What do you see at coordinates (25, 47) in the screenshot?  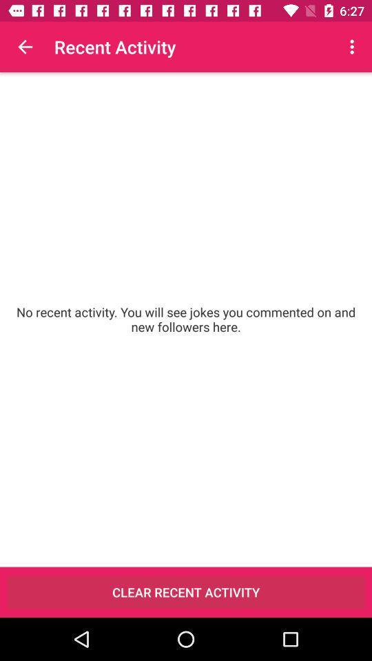 I see `the app next to the recent activity icon` at bounding box center [25, 47].